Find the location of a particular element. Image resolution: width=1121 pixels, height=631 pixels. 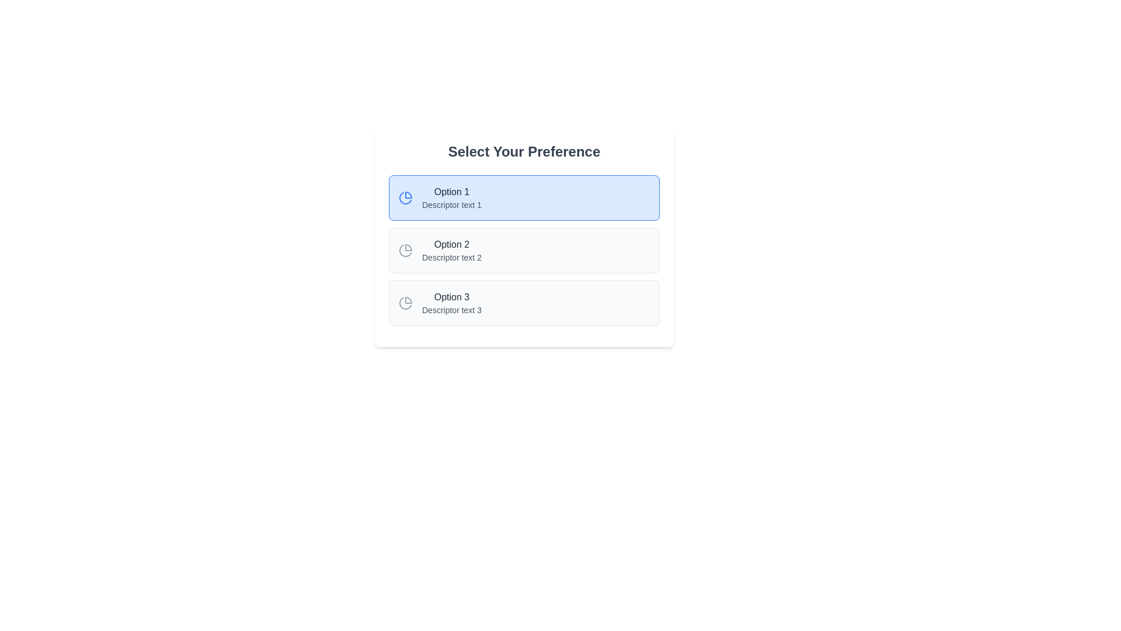

the 'Option 2' radio button is located at coordinates (523, 237).